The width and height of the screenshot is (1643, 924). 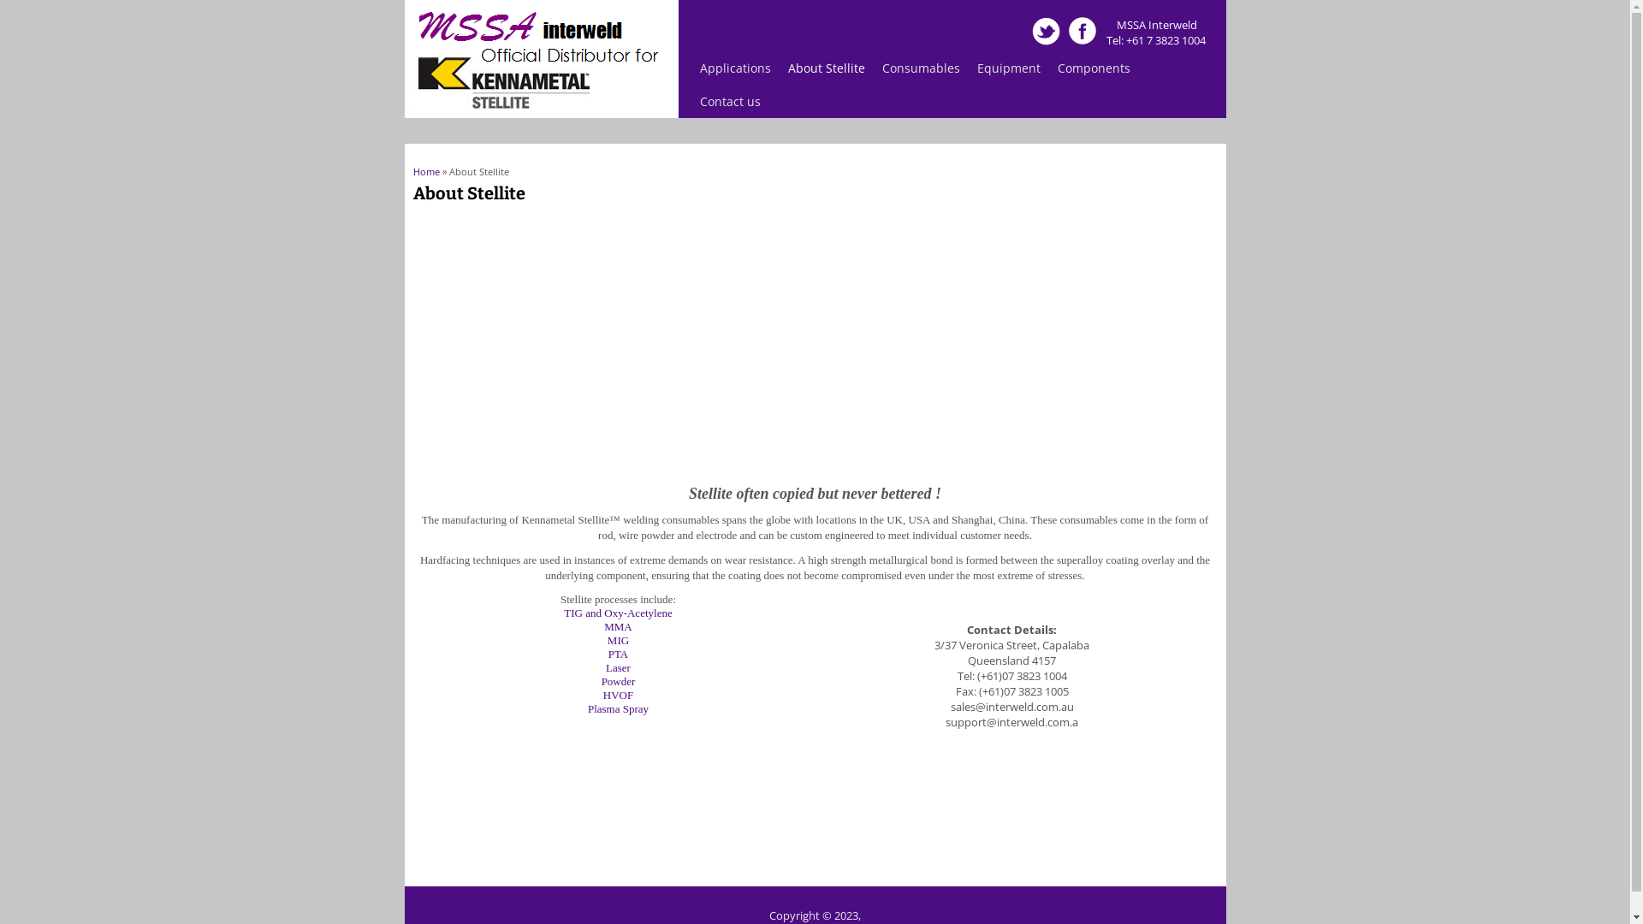 I want to click on 'Applications', so click(x=691, y=67).